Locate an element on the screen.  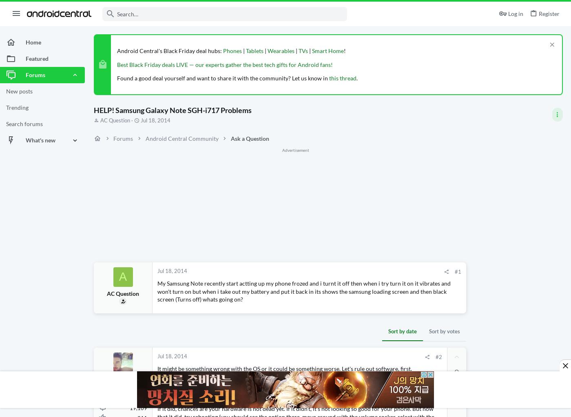
'A' is located at coordinates (123, 276).